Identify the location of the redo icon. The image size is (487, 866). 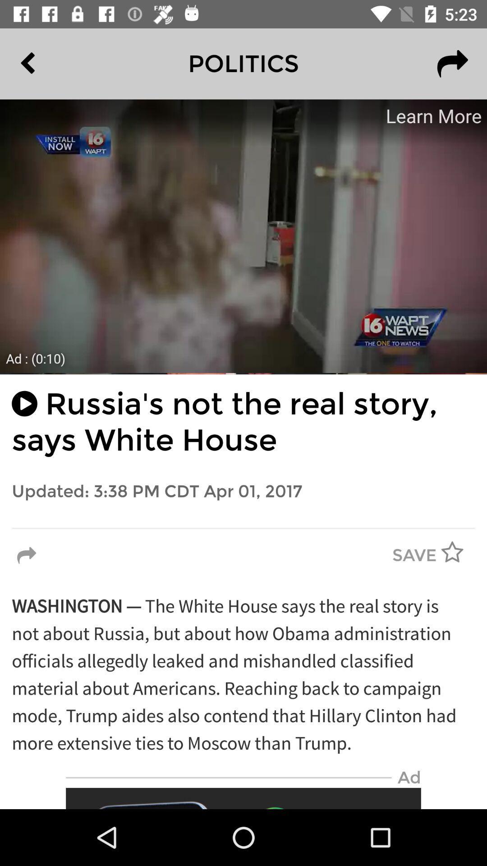
(452, 63).